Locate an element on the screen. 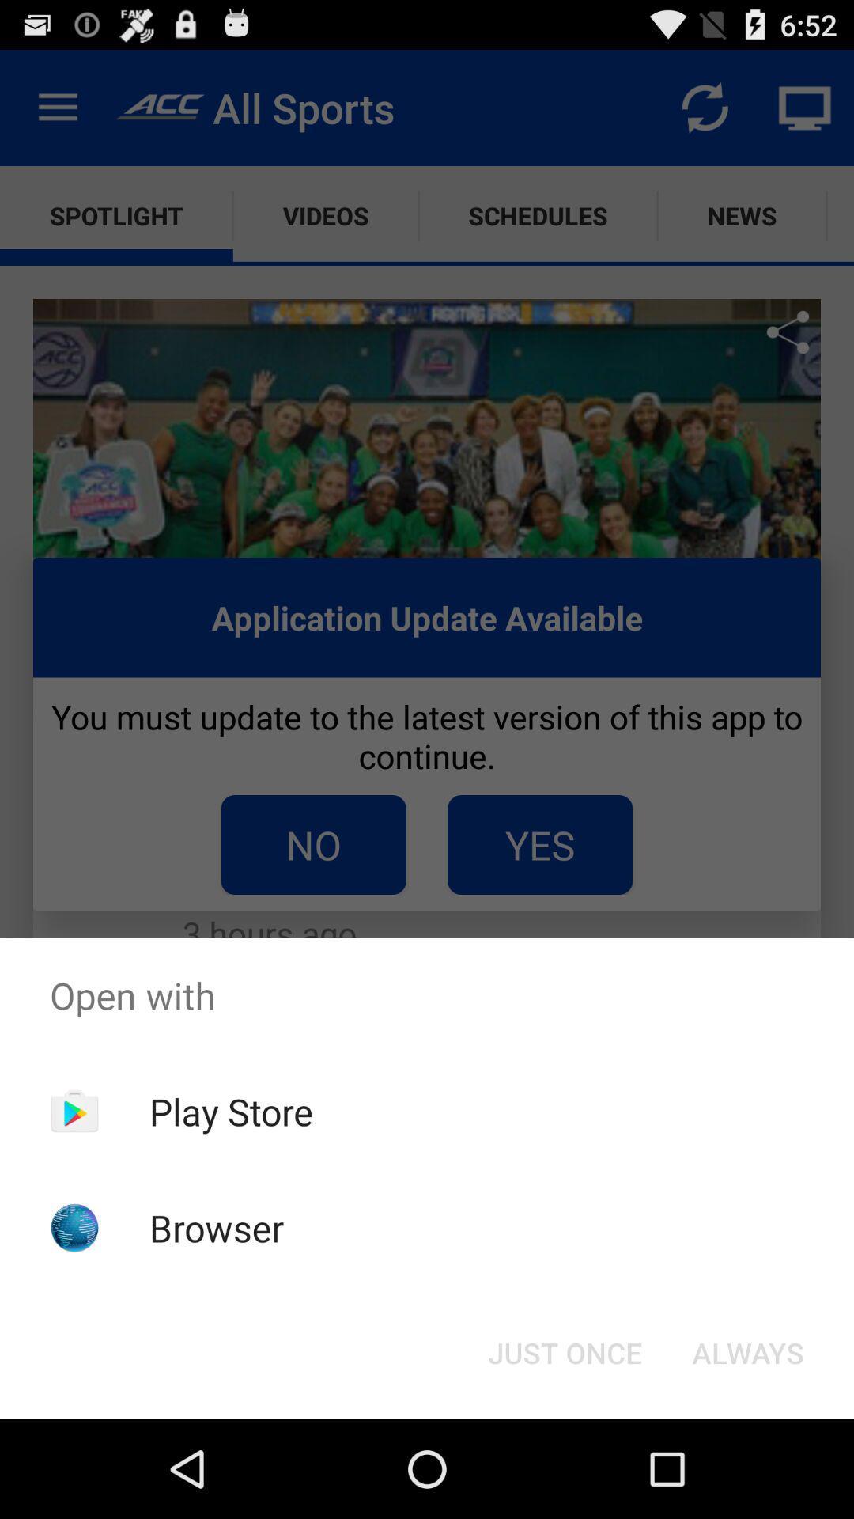 This screenshot has height=1519, width=854. the icon below the open with item is located at coordinates (747, 1351).